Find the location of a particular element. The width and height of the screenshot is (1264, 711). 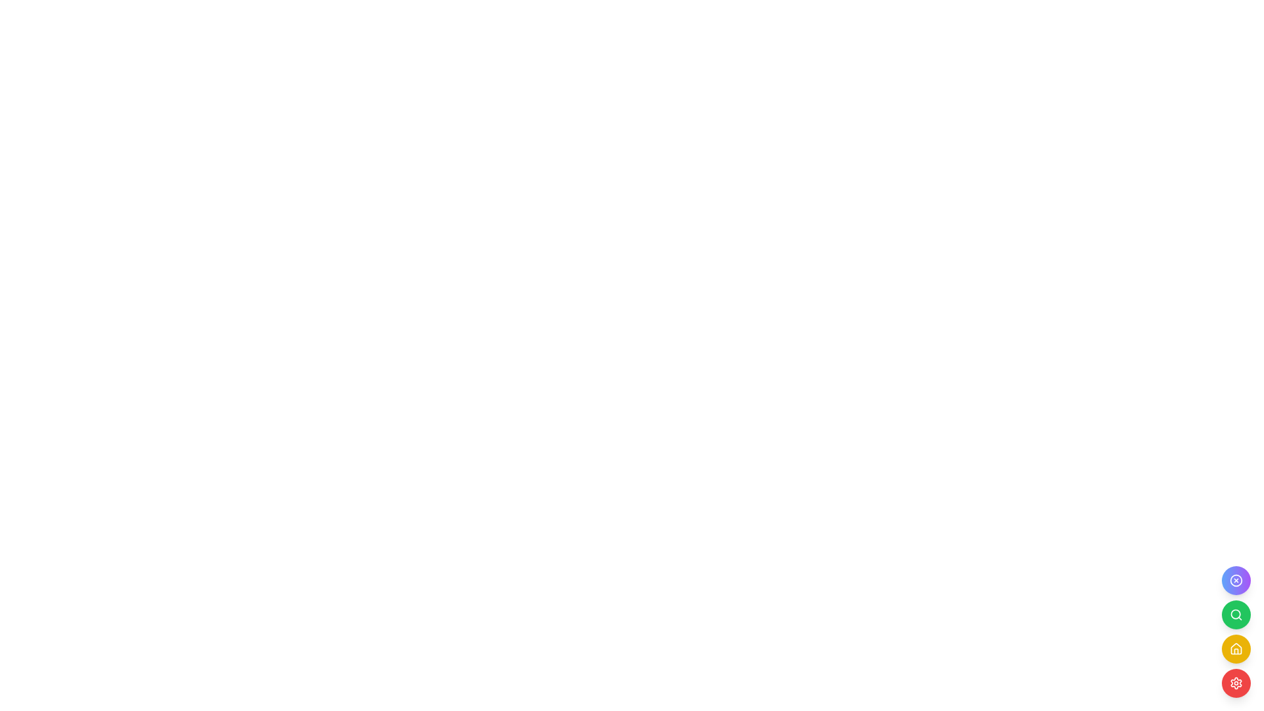

the circular red button with a white gear icon is located at coordinates (1235, 682).